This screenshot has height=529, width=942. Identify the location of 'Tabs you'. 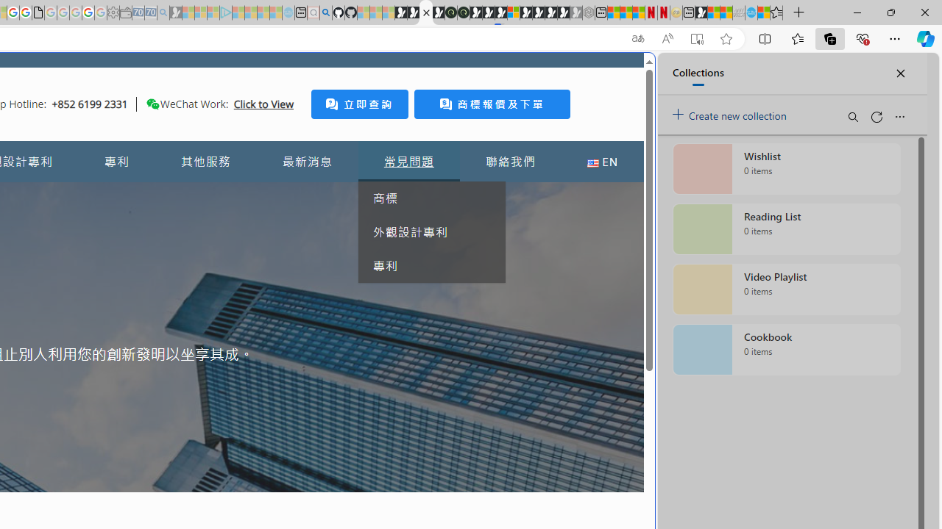
(203, 195).